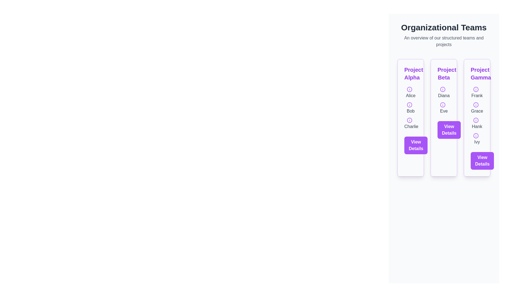 This screenshot has width=531, height=298. I want to click on the Circle graphic element located in the 'Project Gamma' column under 'Organizational Teams', aligned with the text 'Grace', so click(476, 104).